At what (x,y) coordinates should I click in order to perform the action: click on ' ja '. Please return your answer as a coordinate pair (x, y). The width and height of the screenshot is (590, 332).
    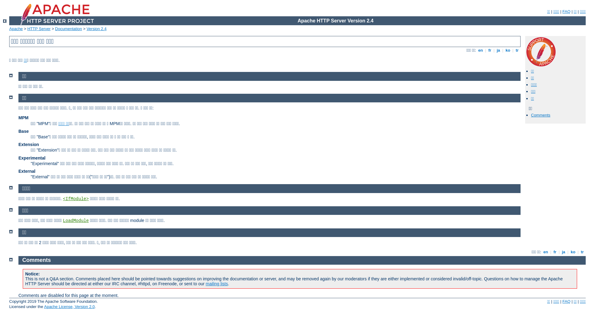
    Looking at the image, I should click on (498, 50).